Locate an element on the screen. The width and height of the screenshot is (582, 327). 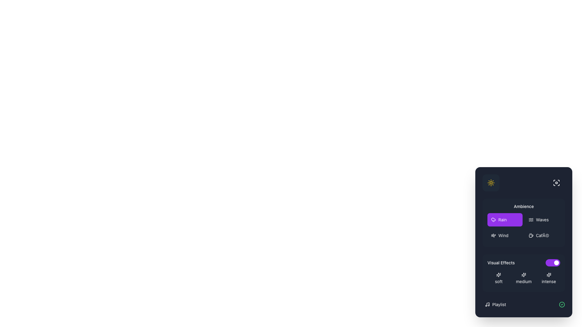
the button in the top-right corner of the panel that is likely related to recording or focusing functionality is located at coordinates (557, 183).